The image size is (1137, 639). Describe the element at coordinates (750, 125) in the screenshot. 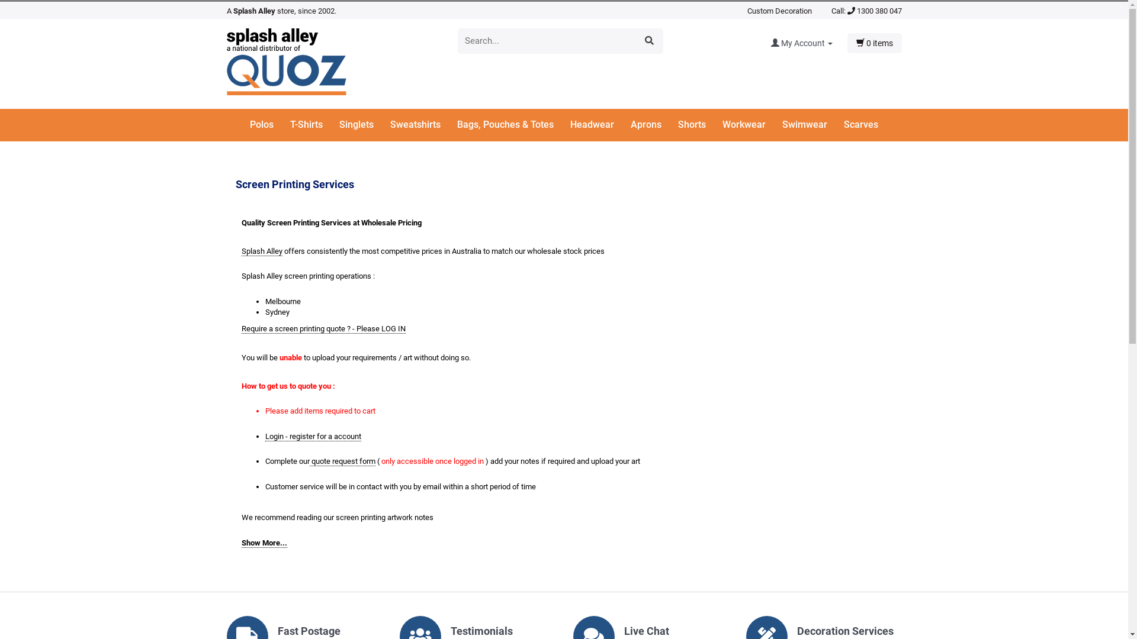

I see `'Workwear'` at that location.